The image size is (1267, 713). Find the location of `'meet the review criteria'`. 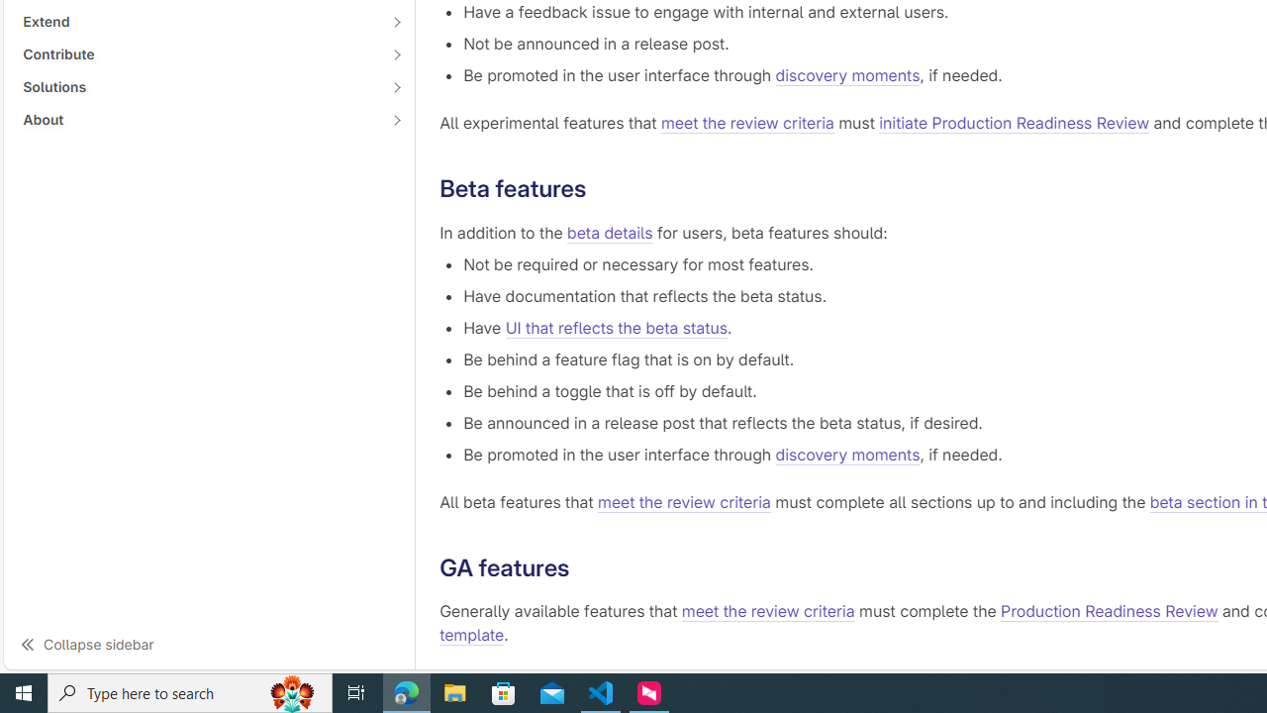

'meet the review criteria' is located at coordinates (767, 611).